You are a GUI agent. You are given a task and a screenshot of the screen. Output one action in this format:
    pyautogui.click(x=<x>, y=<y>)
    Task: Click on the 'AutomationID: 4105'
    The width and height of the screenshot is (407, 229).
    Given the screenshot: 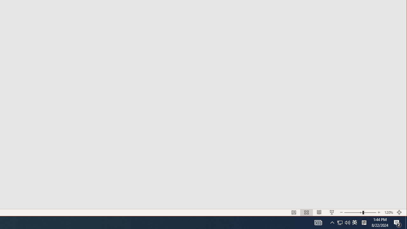 What is the action you would take?
    pyautogui.click(x=318, y=222)
    